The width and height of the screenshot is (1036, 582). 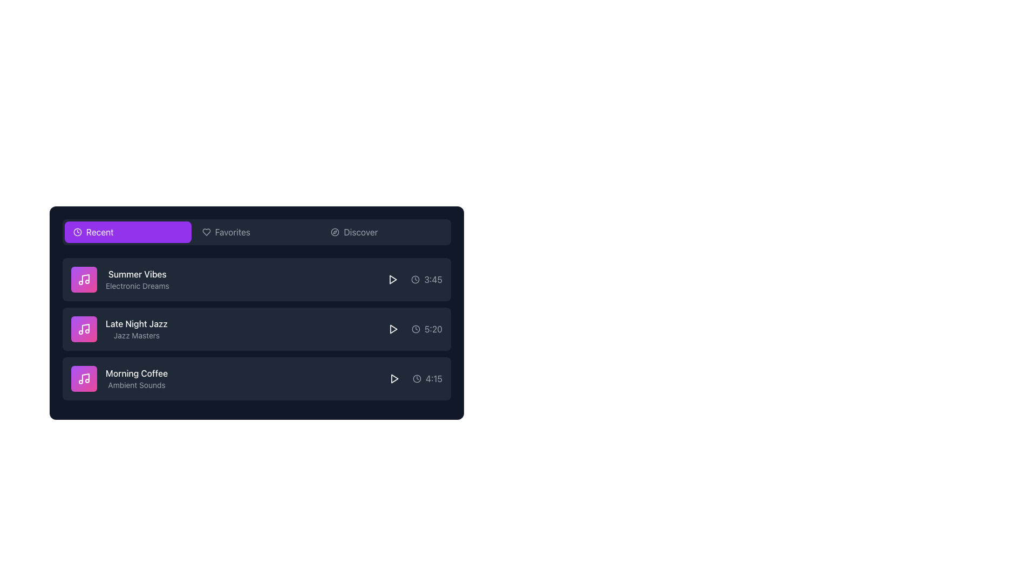 What do you see at coordinates (84, 279) in the screenshot?
I see `the musical note icon styled with a gradient from purple to pink, located as the leftmost graphic in the first row of the list under the 'Recent' tab, corresponding to the 'Summer Vibes' title` at bounding box center [84, 279].